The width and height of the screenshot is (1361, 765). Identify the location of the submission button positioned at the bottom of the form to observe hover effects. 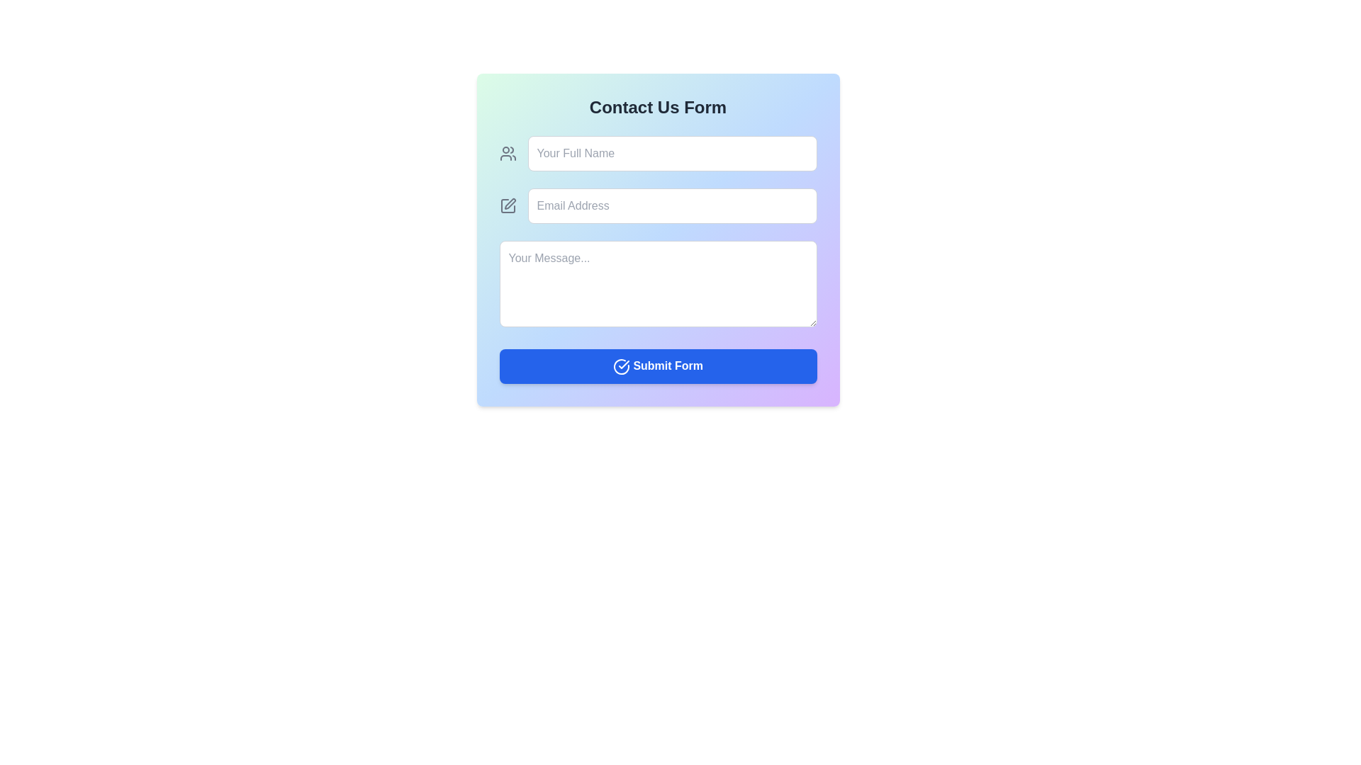
(657, 365).